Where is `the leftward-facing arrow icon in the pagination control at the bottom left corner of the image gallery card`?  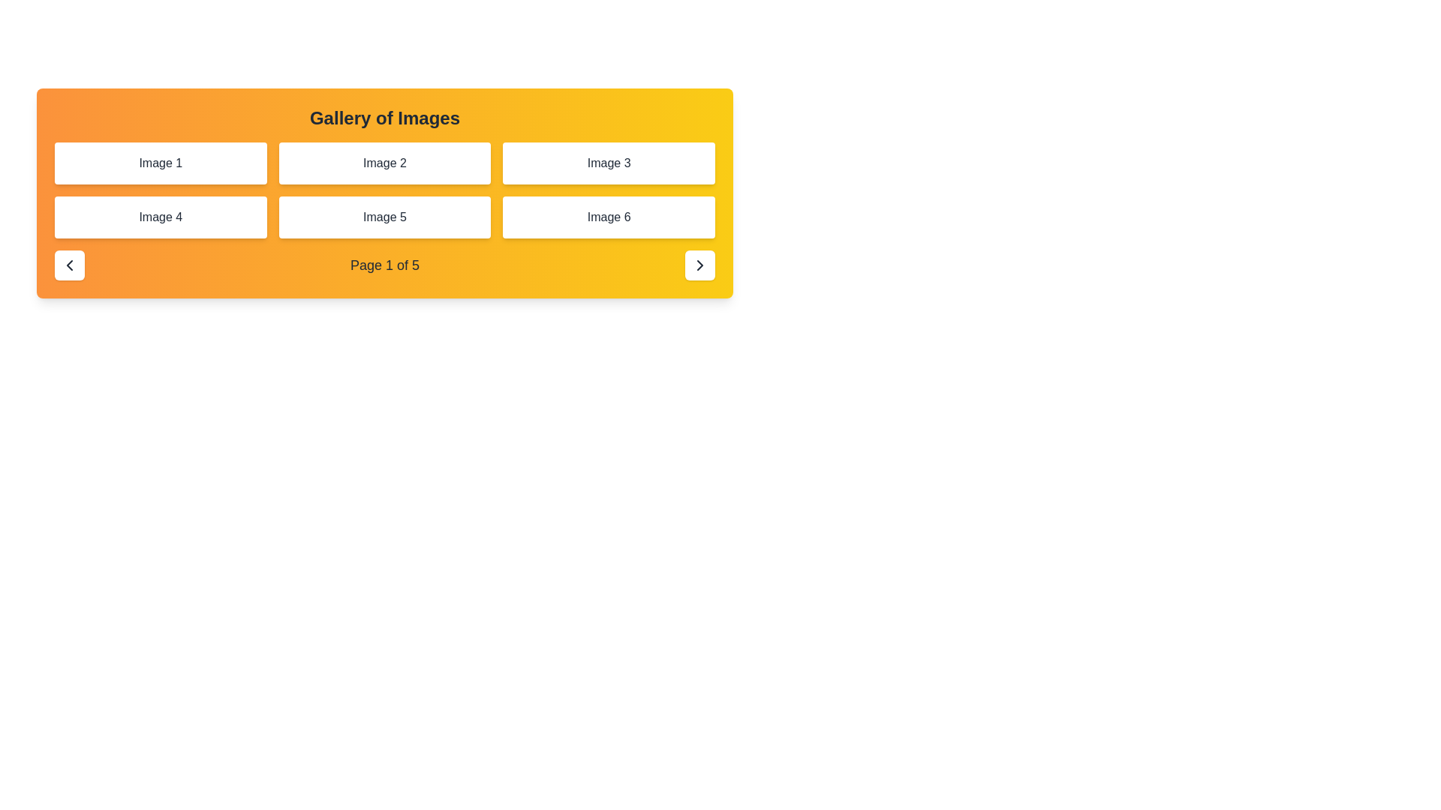
the leftward-facing arrow icon in the pagination control at the bottom left corner of the image gallery card is located at coordinates (68, 265).